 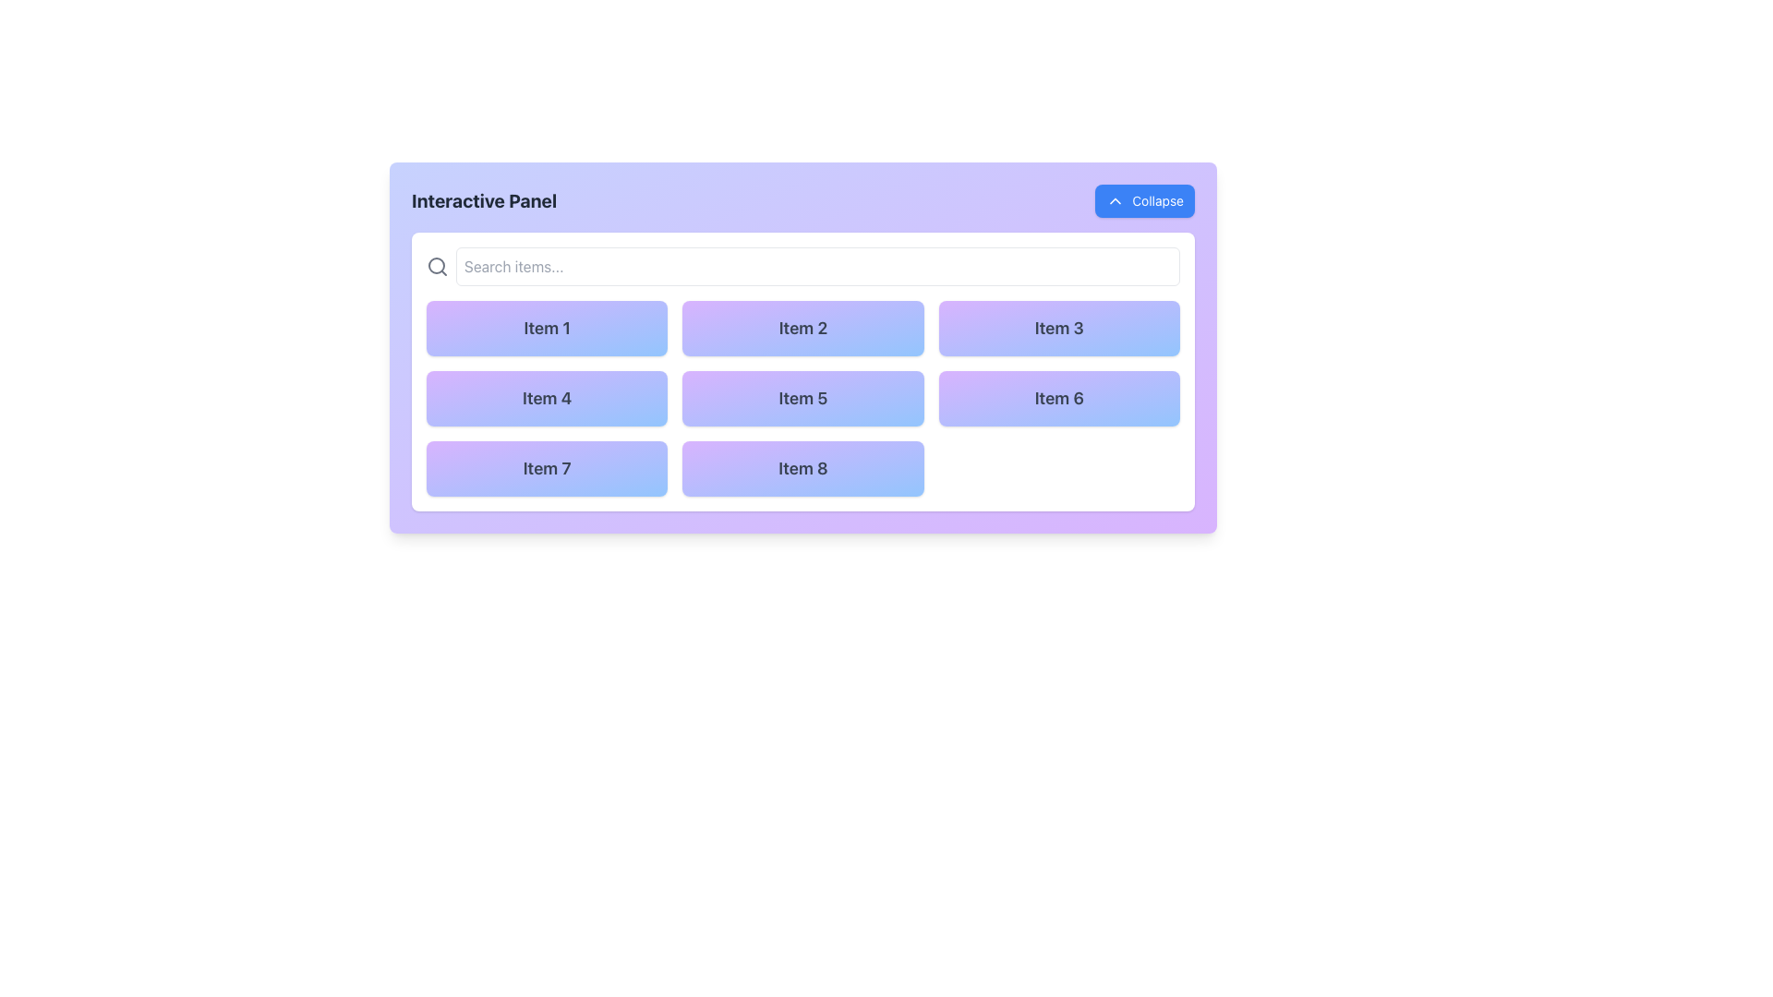 I want to click on the text label identifying the card as 'Item 7', which is centrally positioned in the seventh card of the layout, located in the third row and first column of the panel, so click(x=546, y=467).